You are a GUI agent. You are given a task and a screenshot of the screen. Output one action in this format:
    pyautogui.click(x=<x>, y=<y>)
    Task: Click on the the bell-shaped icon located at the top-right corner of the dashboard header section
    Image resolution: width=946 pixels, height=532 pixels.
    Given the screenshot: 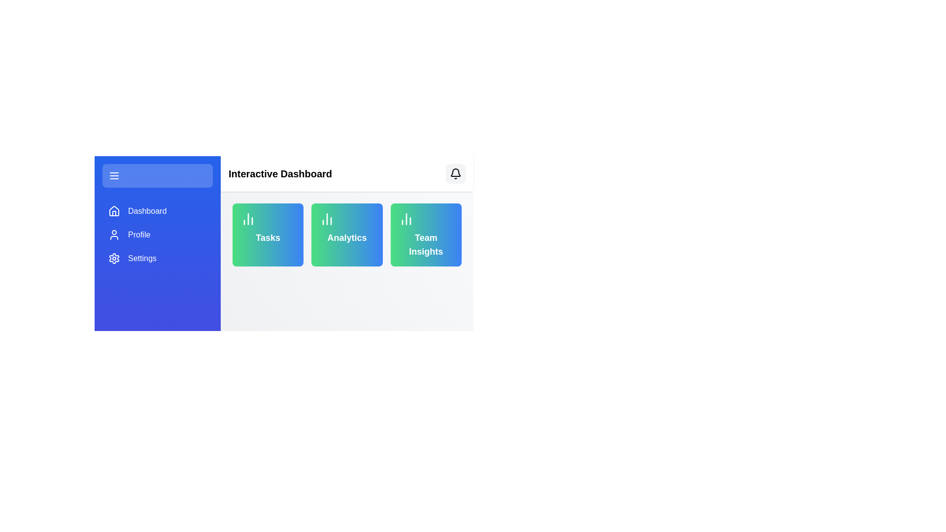 What is the action you would take?
    pyautogui.click(x=455, y=173)
    